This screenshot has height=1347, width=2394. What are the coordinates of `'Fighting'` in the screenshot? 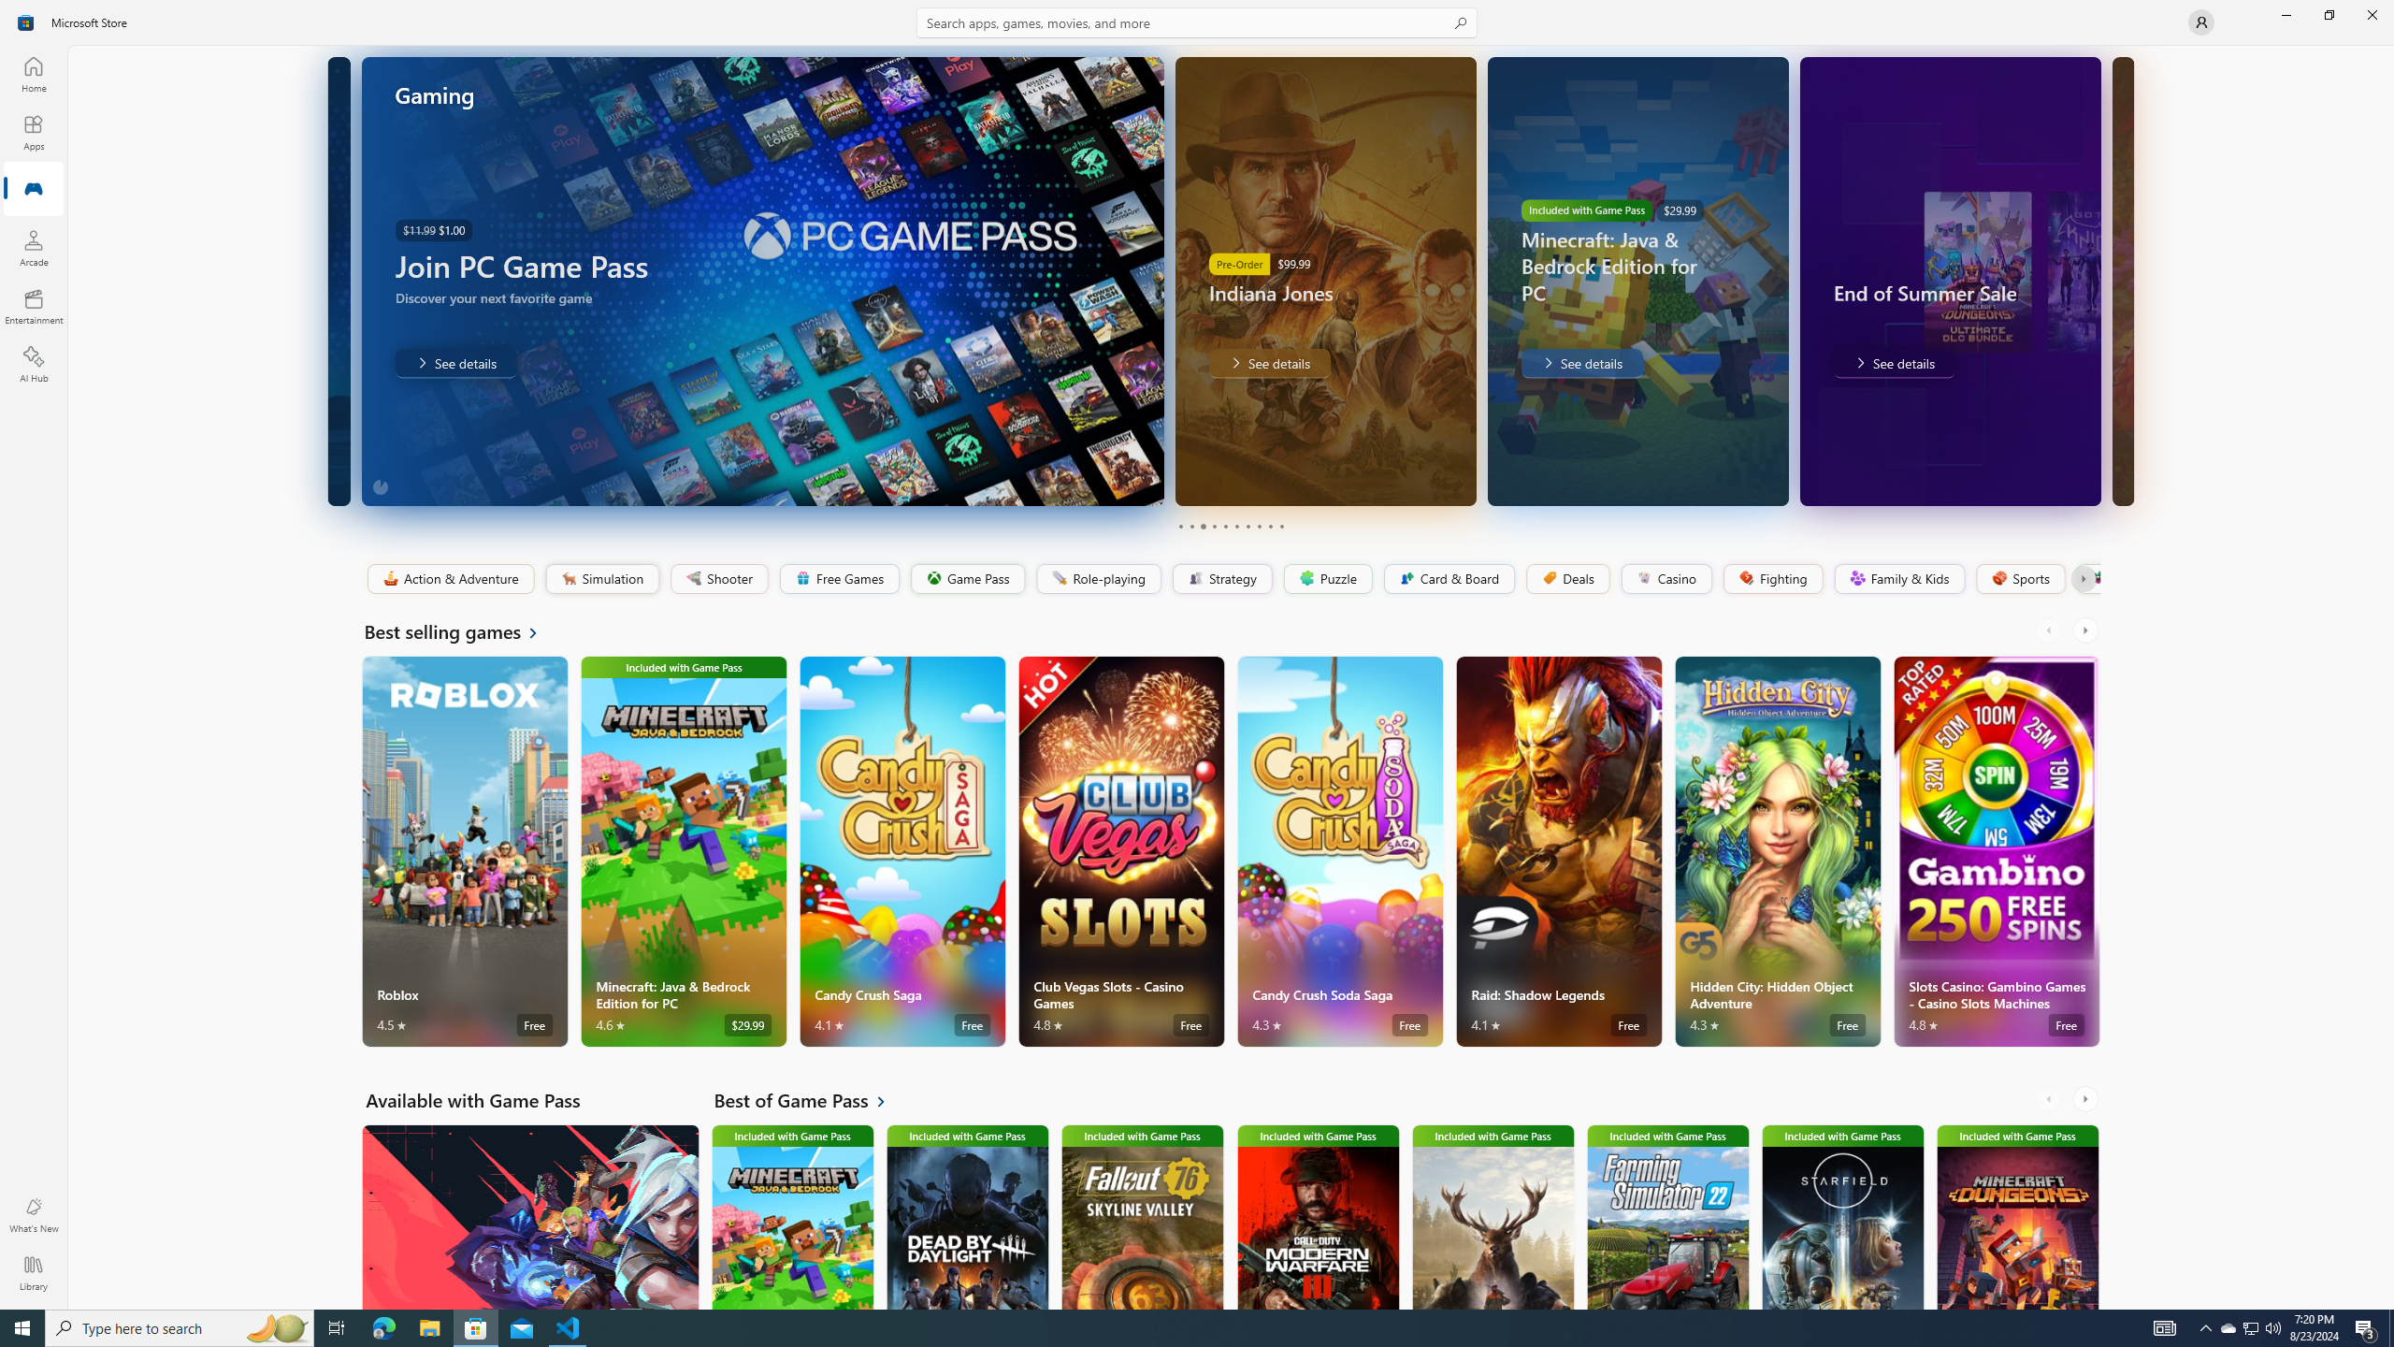 It's located at (1772, 578).